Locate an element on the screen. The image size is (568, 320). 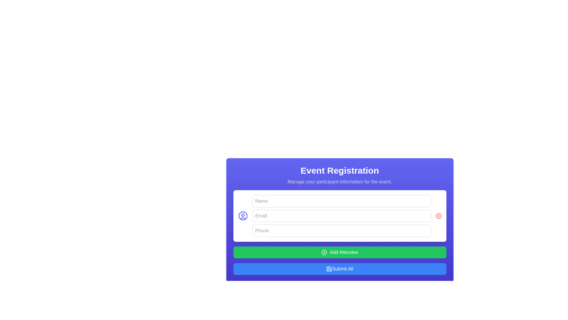
the purple hollow circular graphical element located on the left side of the form input fields, aligned vertically with the 'Name' field is located at coordinates (243, 216).